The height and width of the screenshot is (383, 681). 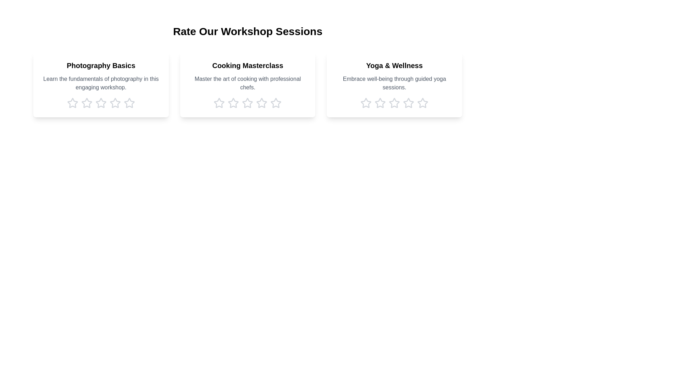 What do you see at coordinates (100, 103) in the screenshot?
I see `the rating for a workshop to 3 stars` at bounding box center [100, 103].